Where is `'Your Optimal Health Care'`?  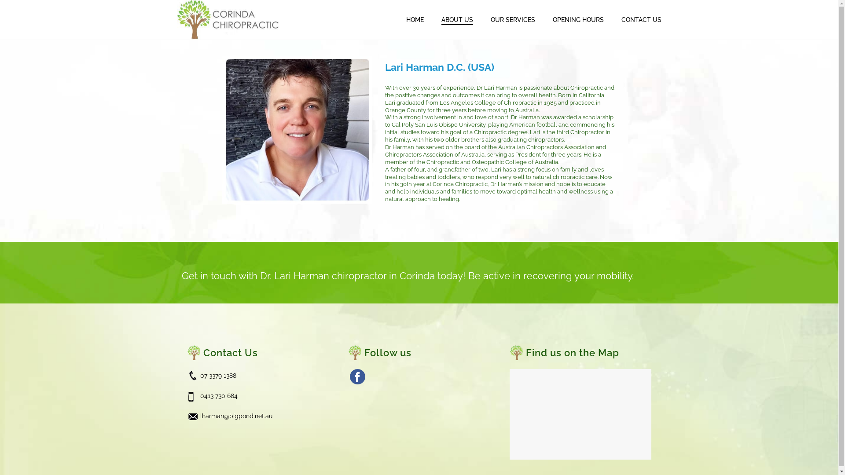
'Your Optimal Health Care' is located at coordinates (230, 20).